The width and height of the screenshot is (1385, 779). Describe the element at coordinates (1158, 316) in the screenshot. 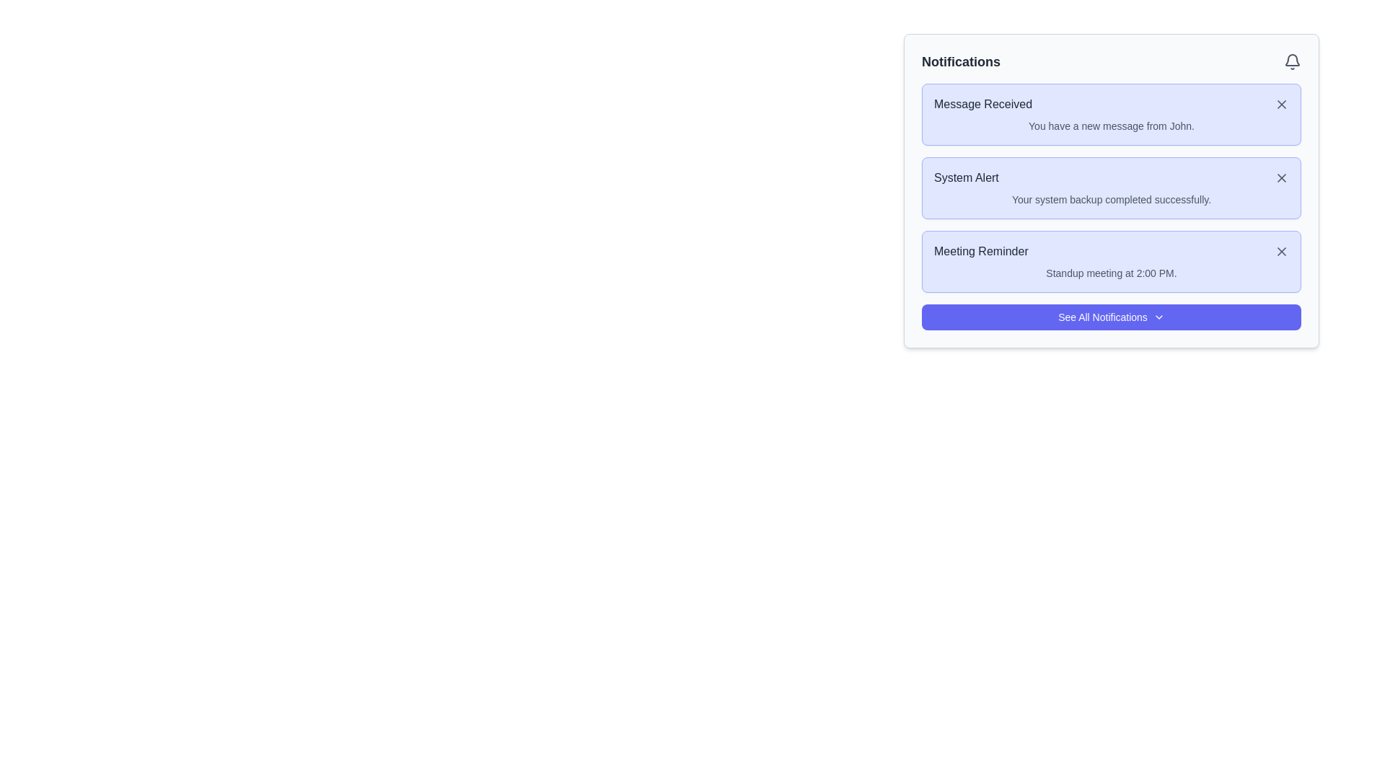

I see `the downward-pointing chevron icon with a thin white stroke located next to 'See All Notifications' in the blue button` at that location.